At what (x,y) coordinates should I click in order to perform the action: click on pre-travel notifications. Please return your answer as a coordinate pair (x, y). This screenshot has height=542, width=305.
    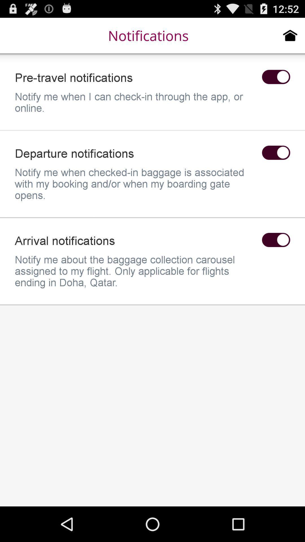
    Looking at the image, I should click on (276, 77).